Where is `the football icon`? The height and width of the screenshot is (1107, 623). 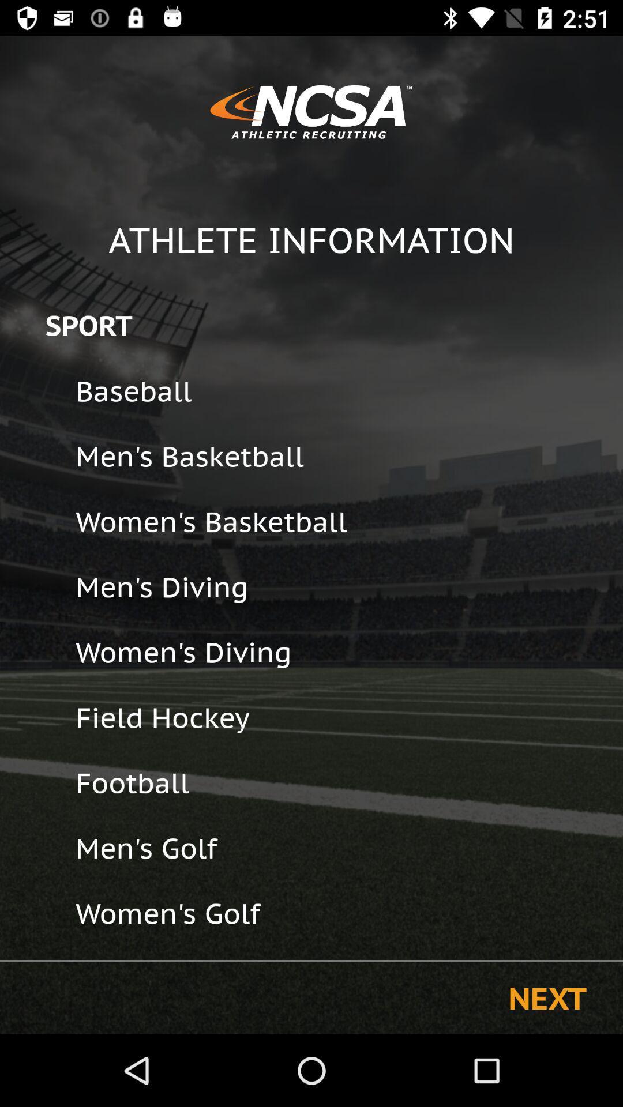
the football icon is located at coordinates (341, 782).